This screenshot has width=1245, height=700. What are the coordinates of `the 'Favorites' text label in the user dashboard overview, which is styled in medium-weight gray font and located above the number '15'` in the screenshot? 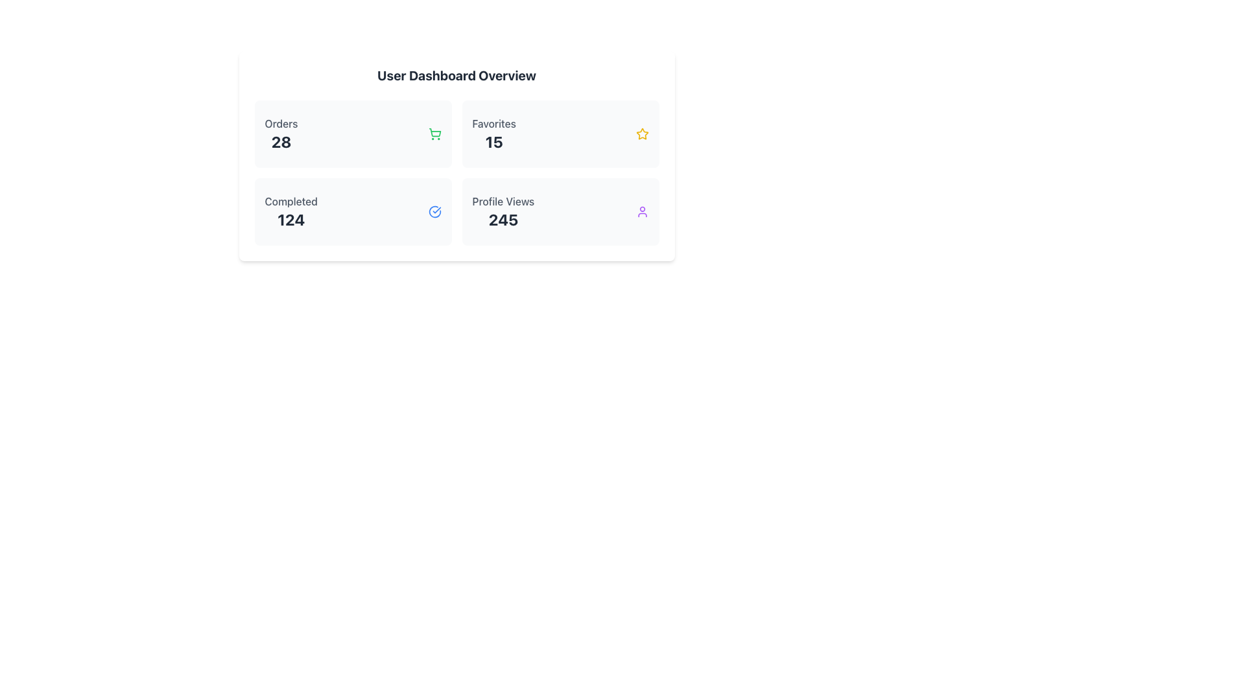 It's located at (493, 124).